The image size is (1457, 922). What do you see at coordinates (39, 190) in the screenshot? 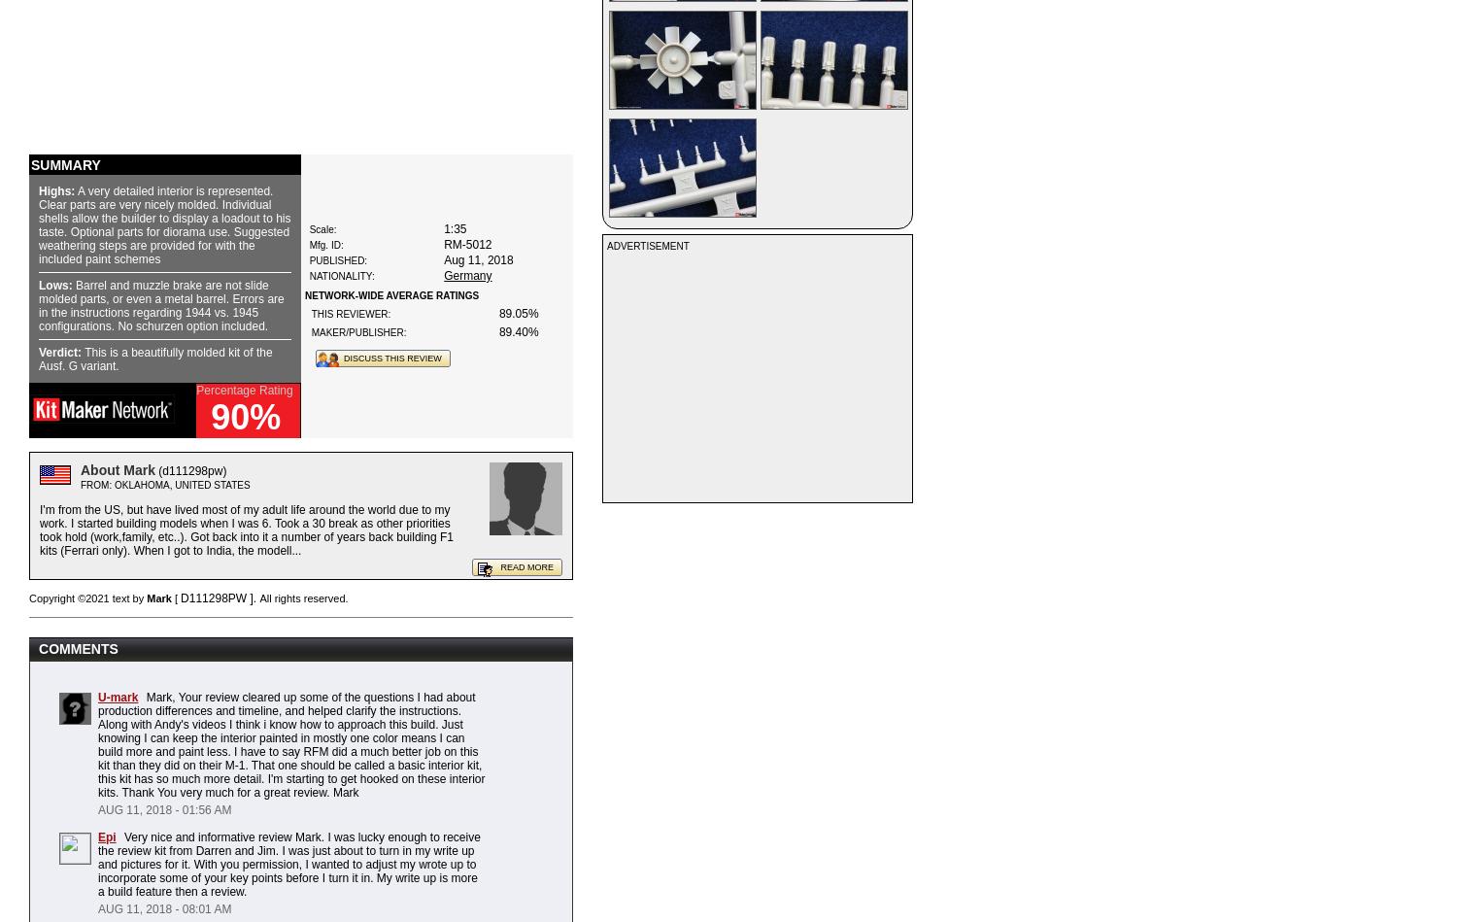
I see `'Highs:'` at bounding box center [39, 190].